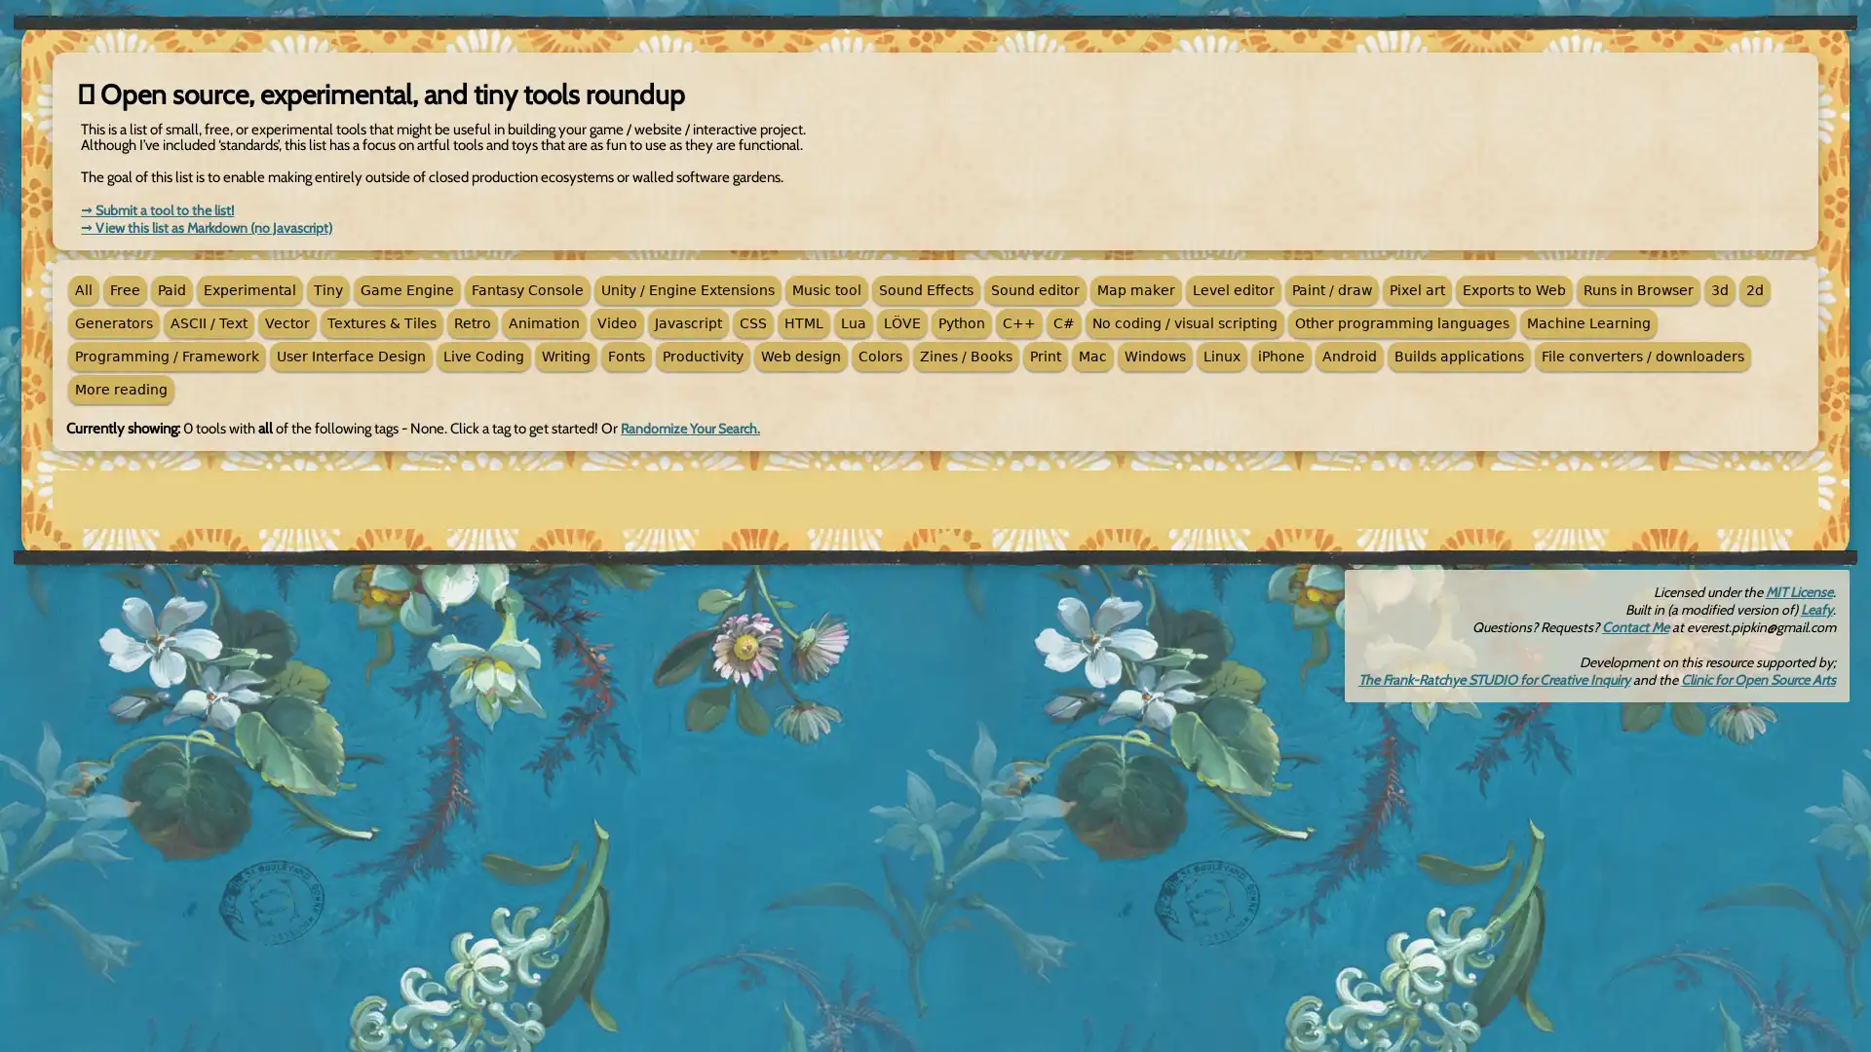 The width and height of the screenshot is (1871, 1052). Describe the element at coordinates (854, 321) in the screenshot. I see `Lua` at that location.